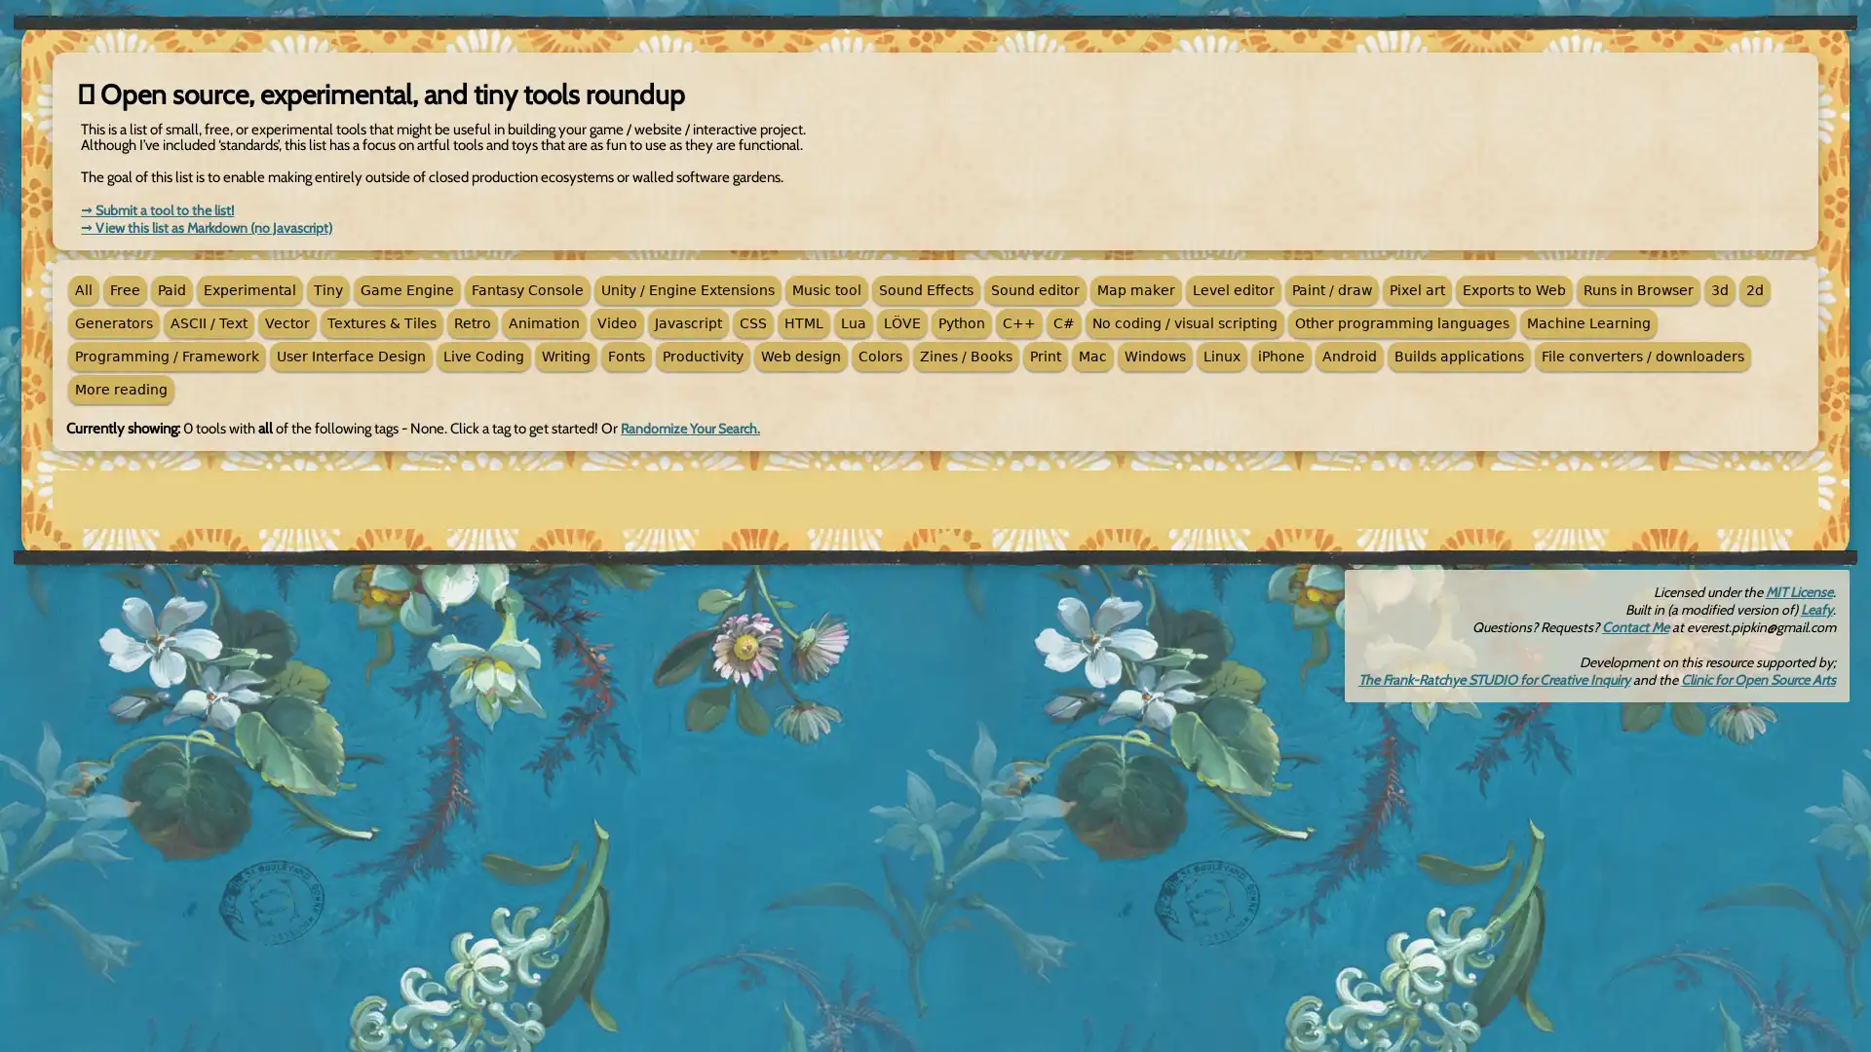 The width and height of the screenshot is (1871, 1052). Describe the element at coordinates (854, 321) in the screenshot. I see `Lua` at that location.